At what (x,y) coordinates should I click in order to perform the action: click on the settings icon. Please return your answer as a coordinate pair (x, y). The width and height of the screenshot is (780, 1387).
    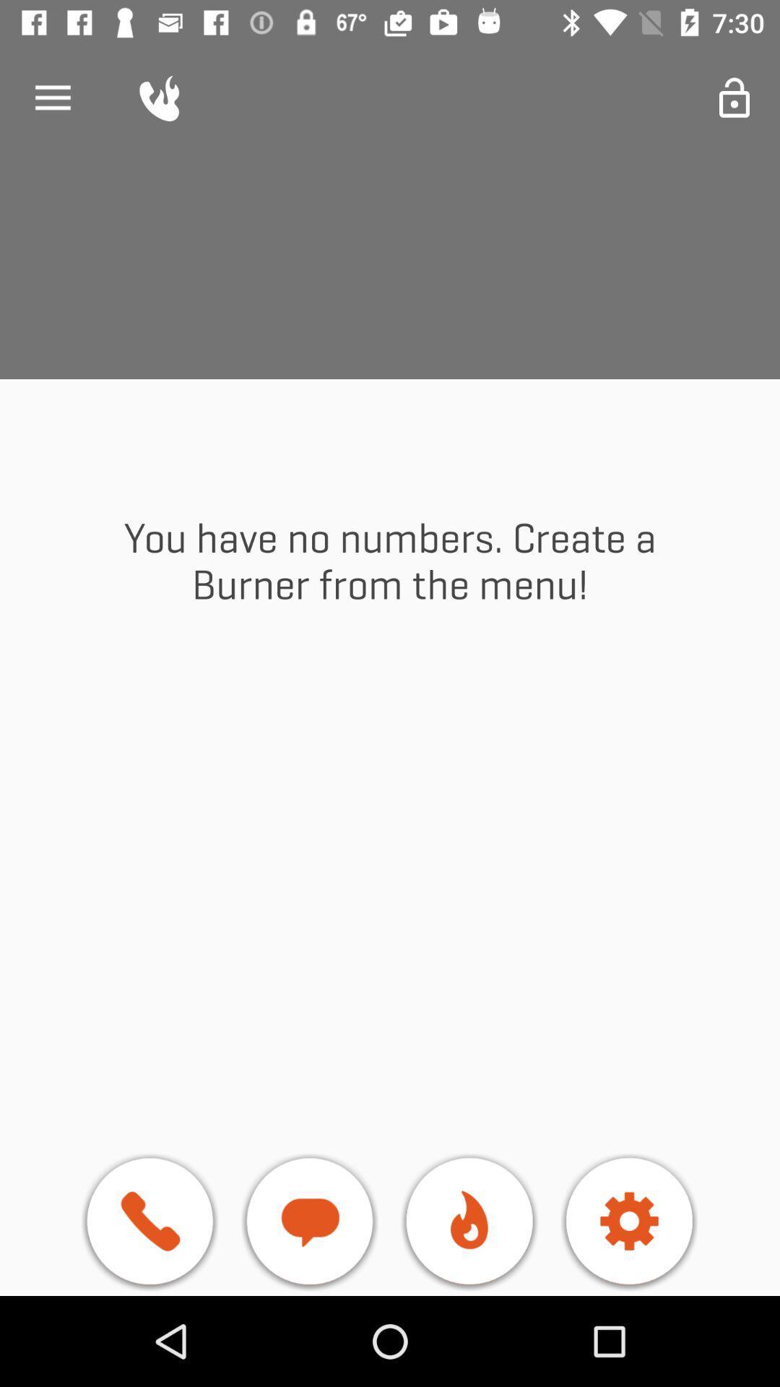
    Looking at the image, I should click on (628, 1223).